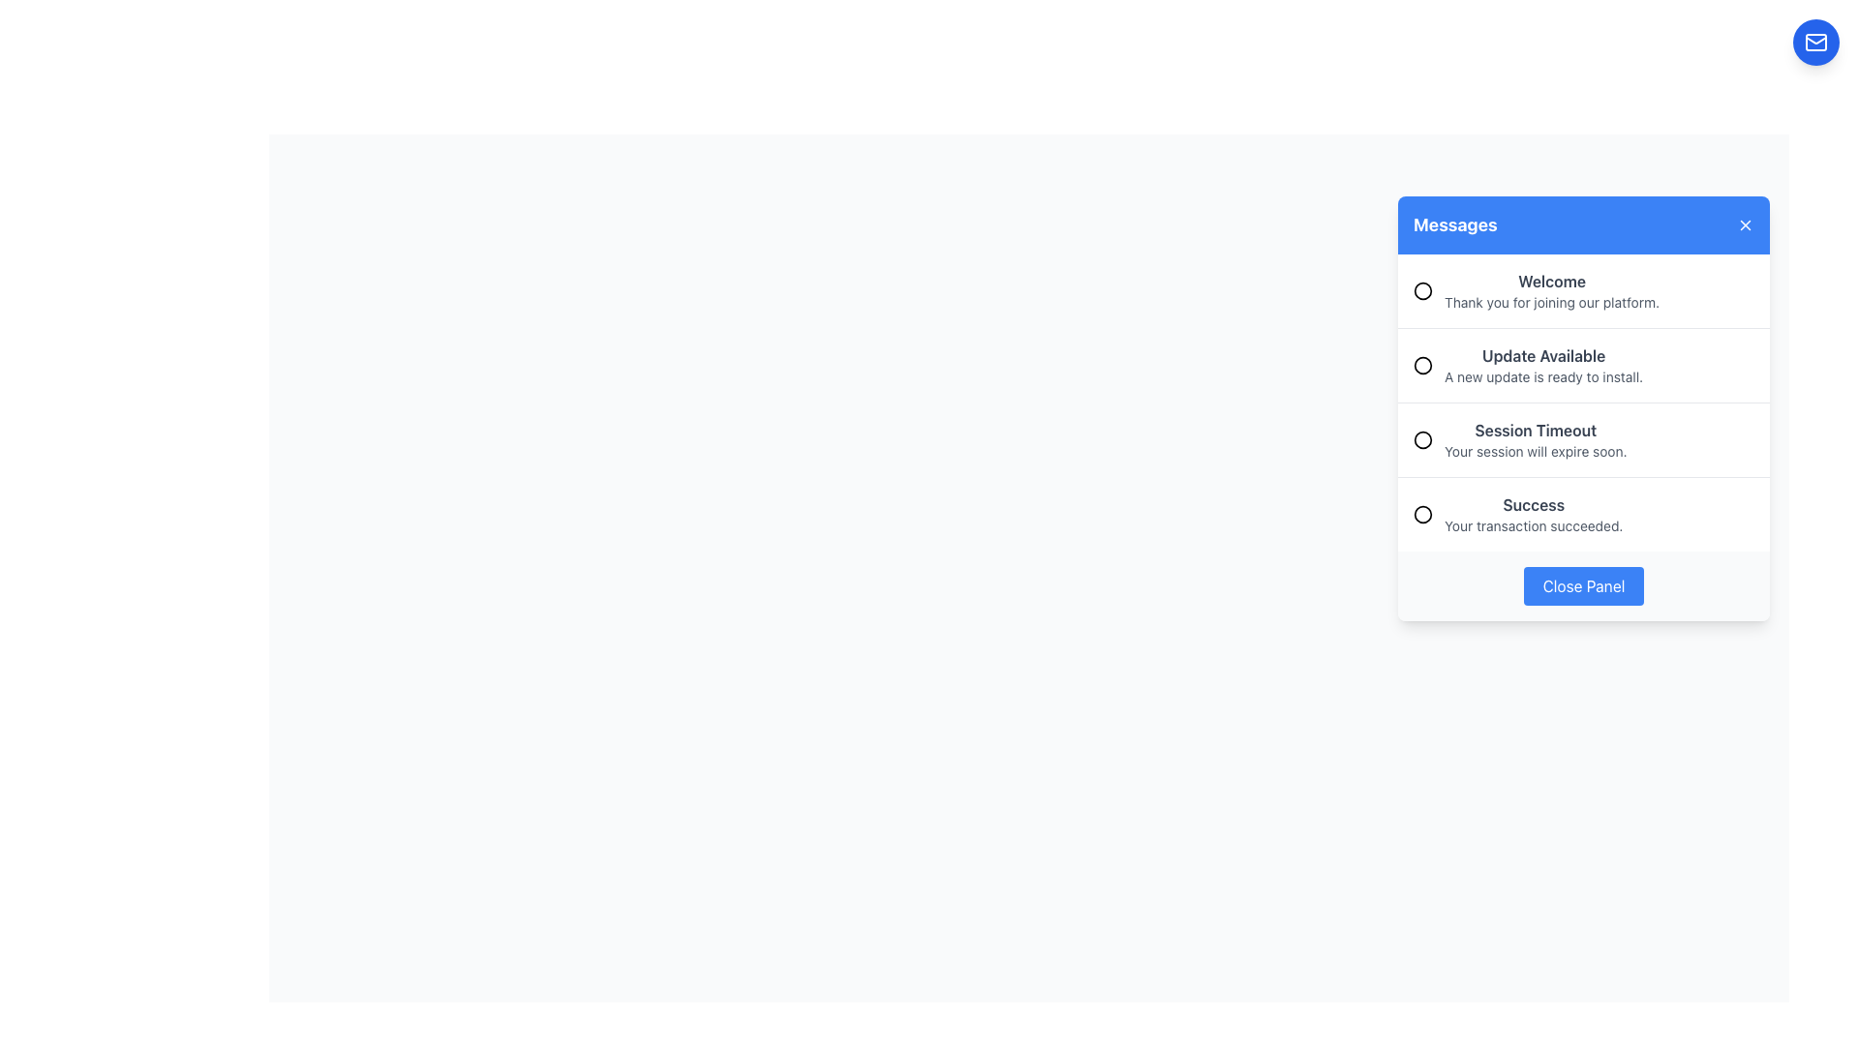 This screenshot has height=1045, width=1859. Describe the element at coordinates (1422, 514) in the screenshot. I see `the SVG circle element that visually represents a success icon next to the text 'Success: Your transaction succeeded.'` at that location.